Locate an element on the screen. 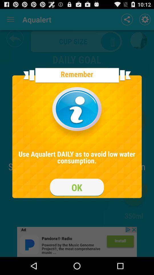 Image resolution: width=154 pixels, height=275 pixels. done option is located at coordinates (77, 187).